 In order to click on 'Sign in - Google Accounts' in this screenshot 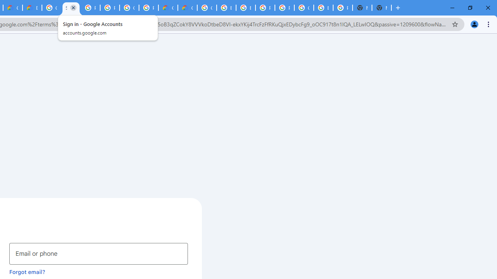, I will do `click(71, 8)`.